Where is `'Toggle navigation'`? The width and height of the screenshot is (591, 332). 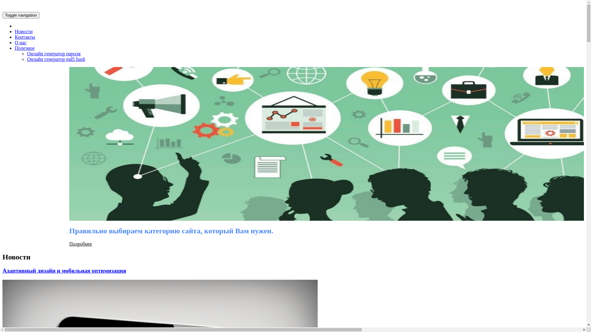 'Toggle navigation' is located at coordinates (21, 15).